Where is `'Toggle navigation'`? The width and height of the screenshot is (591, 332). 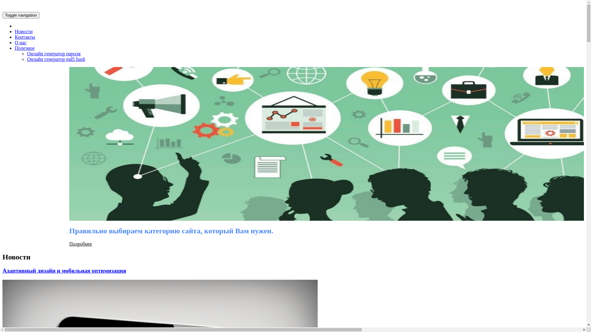 'Toggle navigation' is located at coordinates (21, 15).